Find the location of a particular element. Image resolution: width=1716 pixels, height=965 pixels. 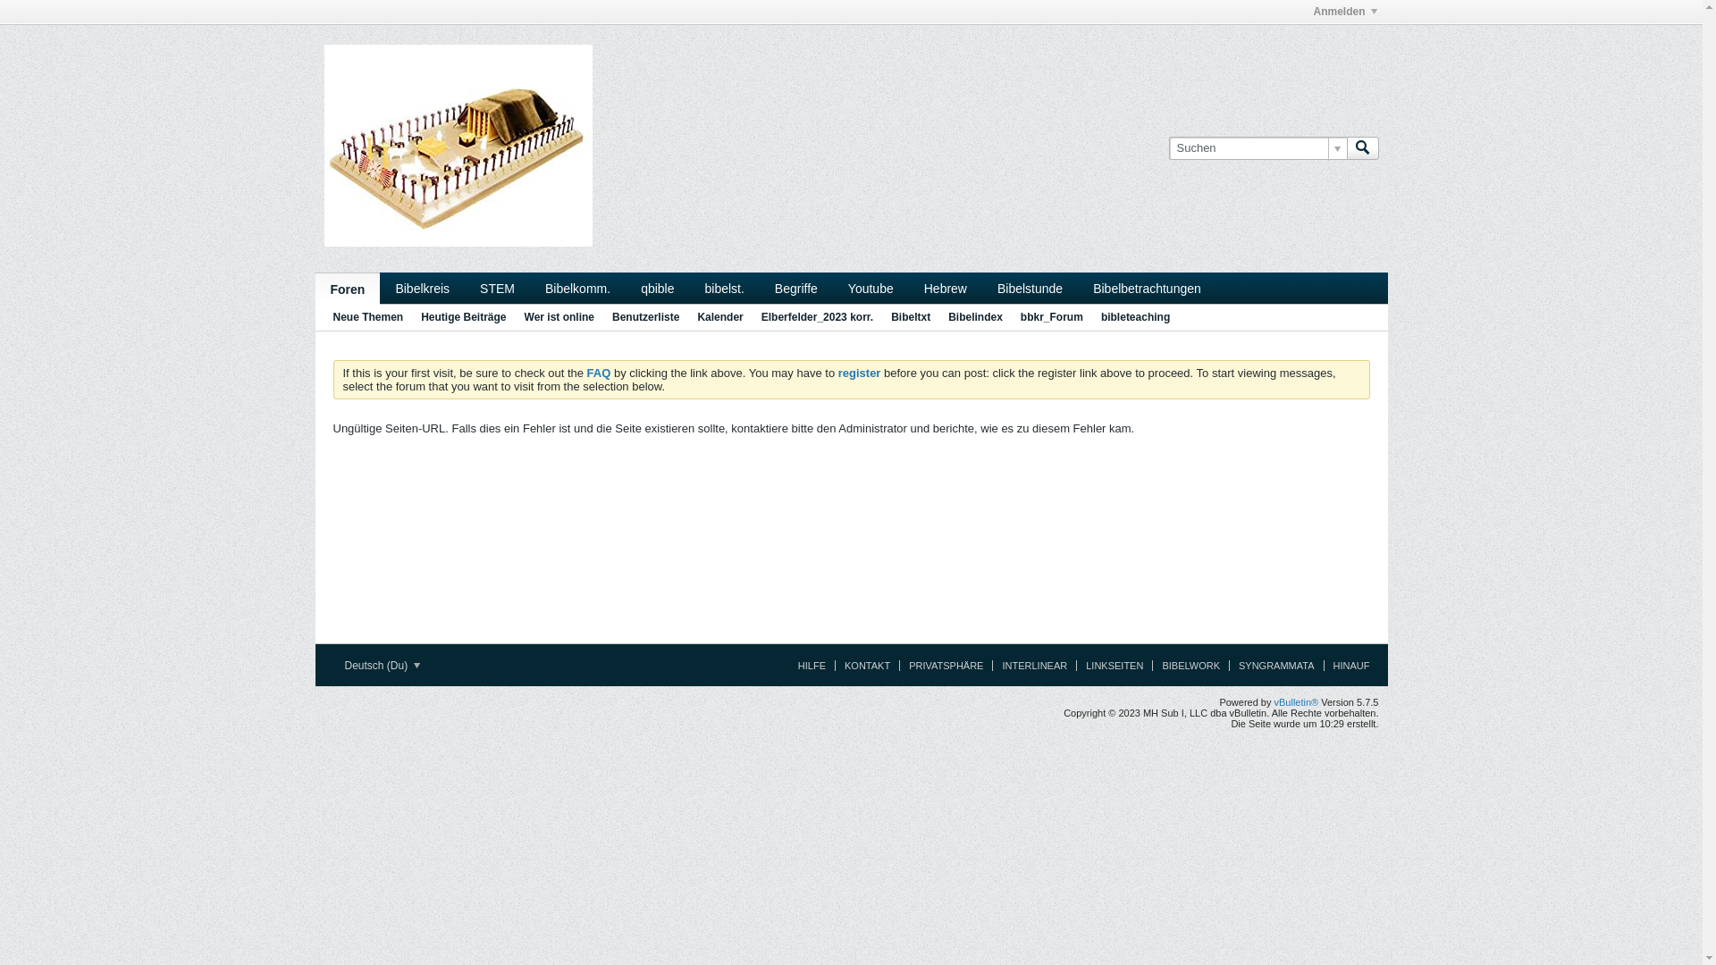

'Bibelkomm.' is located at coordinates (577, 287).